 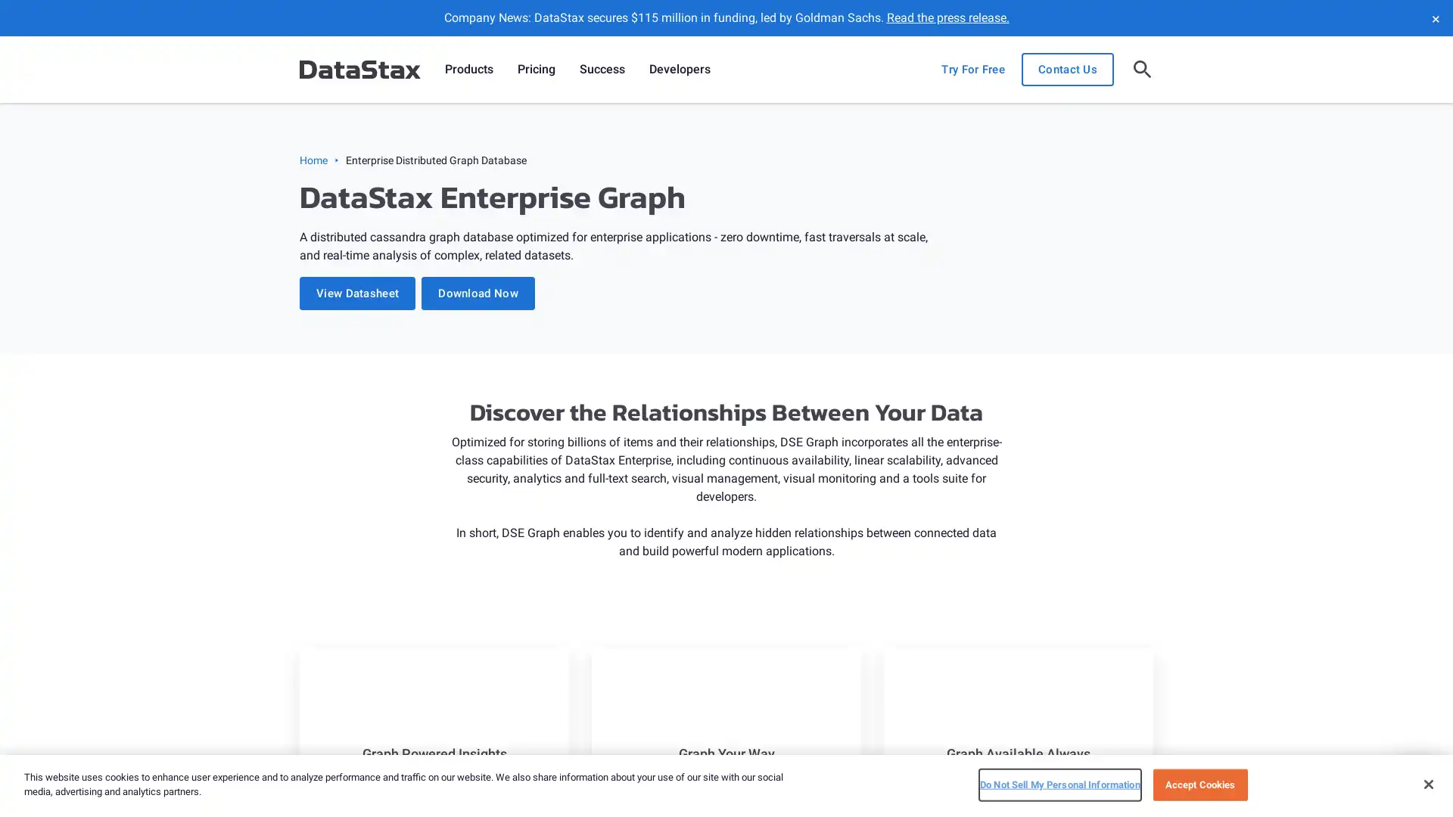 I want to click on Dismiss, so click(x=1434, y=17).